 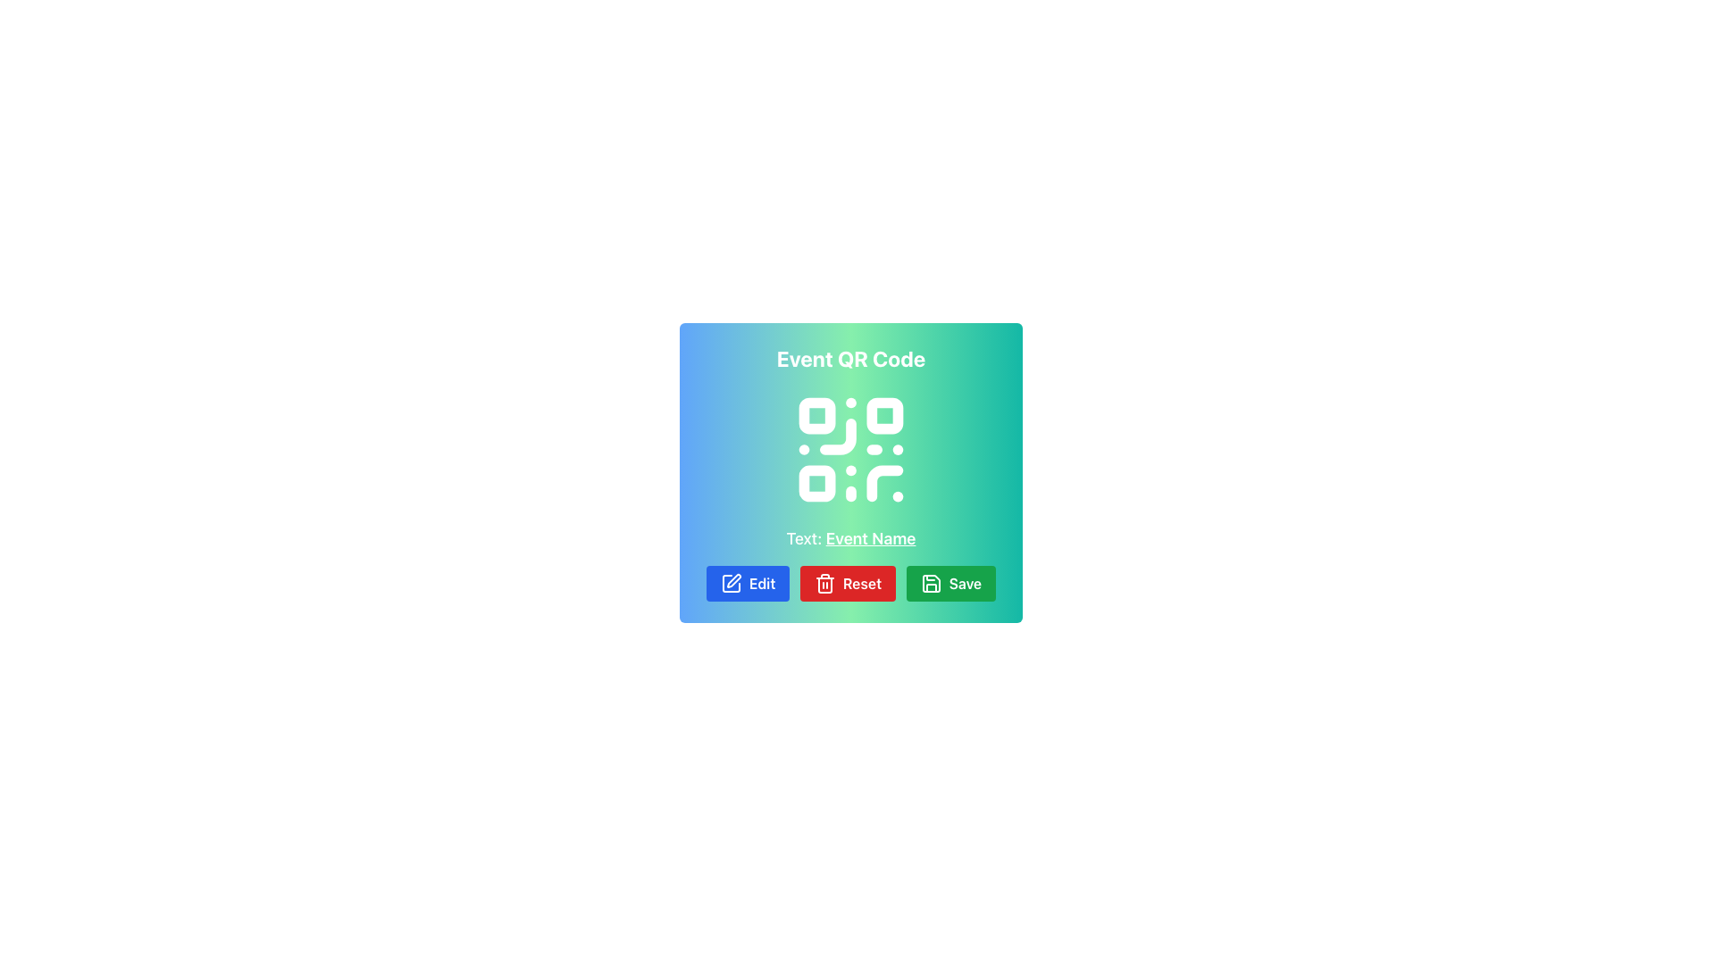 I want to click on the trashcan icon within the 'Reset' button, which is located between the 'Edit' and 'Save' buttons, indicating a delete action, so click(x=824, y=584).